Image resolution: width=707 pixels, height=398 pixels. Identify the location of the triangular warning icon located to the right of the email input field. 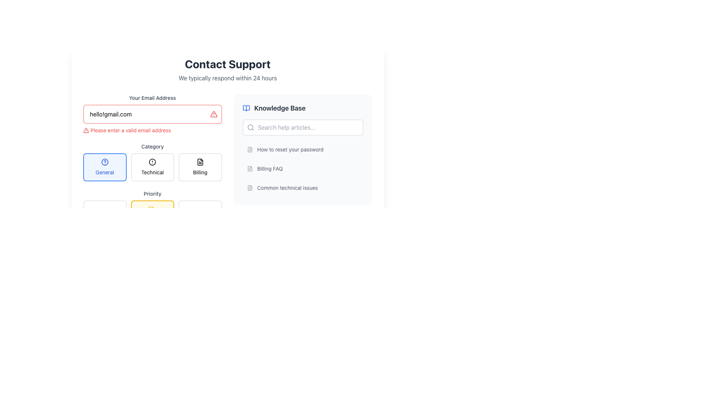
(86, 130).